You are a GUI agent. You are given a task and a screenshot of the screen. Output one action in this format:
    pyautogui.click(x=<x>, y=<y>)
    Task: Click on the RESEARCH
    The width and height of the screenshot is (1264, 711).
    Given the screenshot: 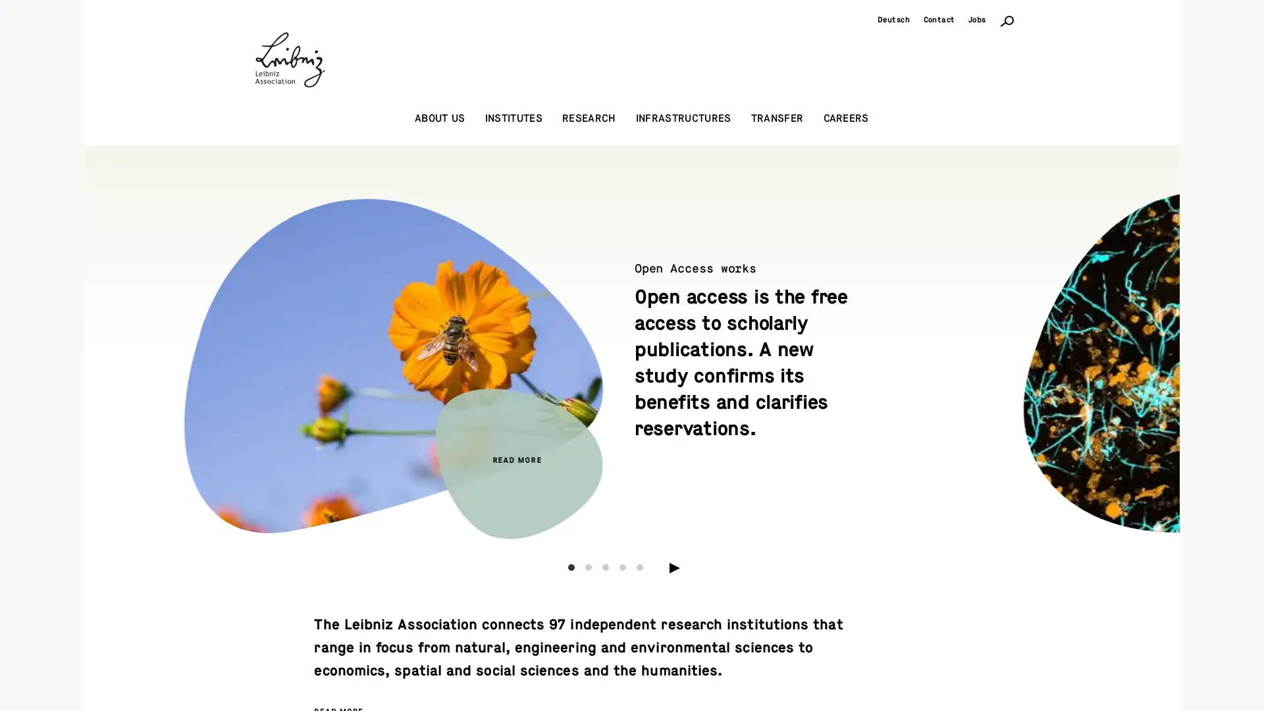 What is the action you would take?
    pyautogui.click(x=588, y=118)
    